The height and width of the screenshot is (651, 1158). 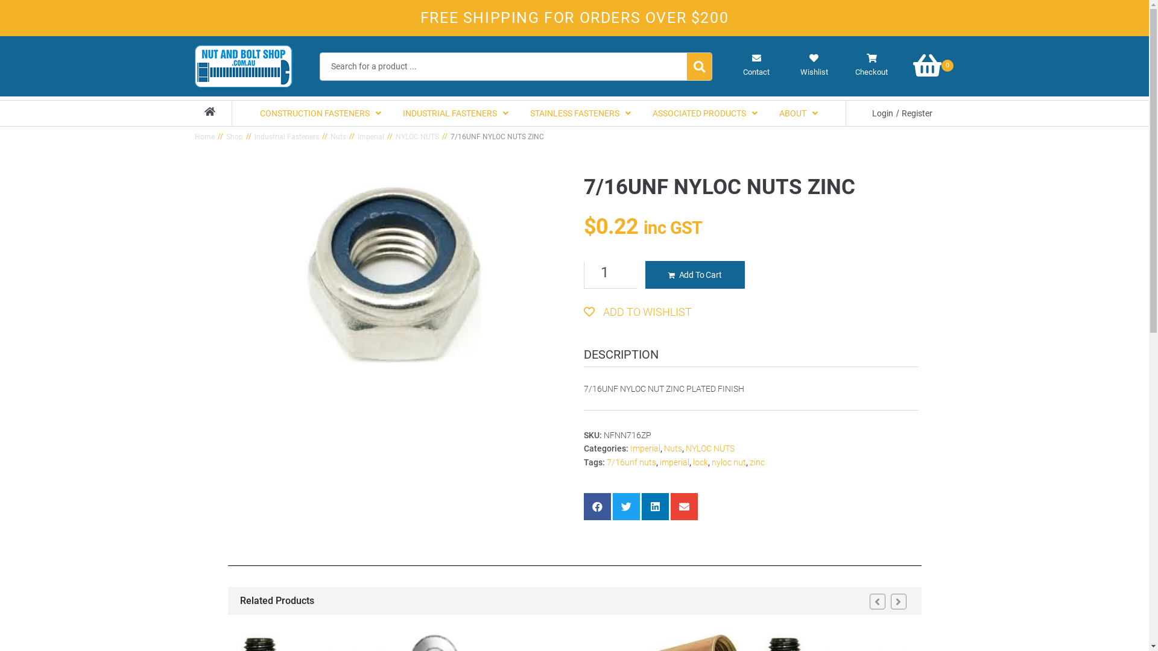 I want to click on 'Home', so click(x=204, y=136).